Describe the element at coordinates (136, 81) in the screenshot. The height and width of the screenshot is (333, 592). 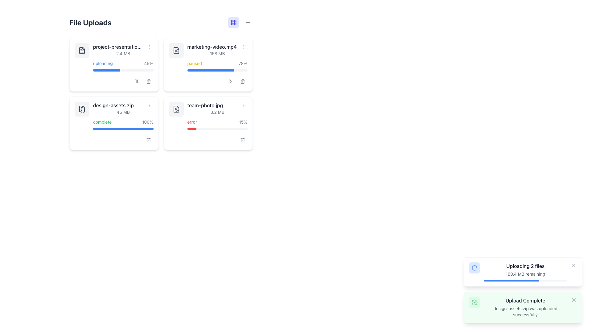
I see `the 'pause' icon, which is represented by two vertical bars with rounded corners, located in the control area of the 'marketing-video.mp4' card` at that location.